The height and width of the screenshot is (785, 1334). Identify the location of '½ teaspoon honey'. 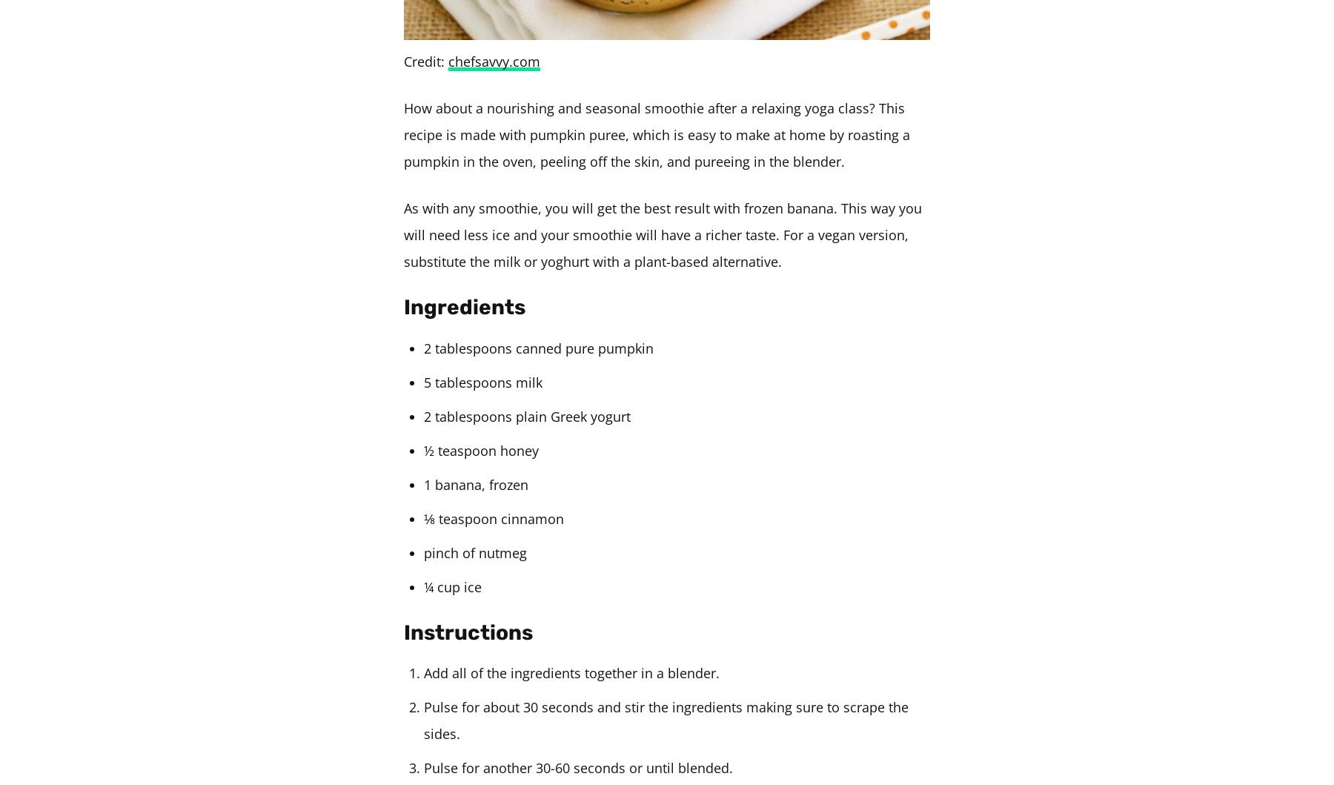
(424, 449).